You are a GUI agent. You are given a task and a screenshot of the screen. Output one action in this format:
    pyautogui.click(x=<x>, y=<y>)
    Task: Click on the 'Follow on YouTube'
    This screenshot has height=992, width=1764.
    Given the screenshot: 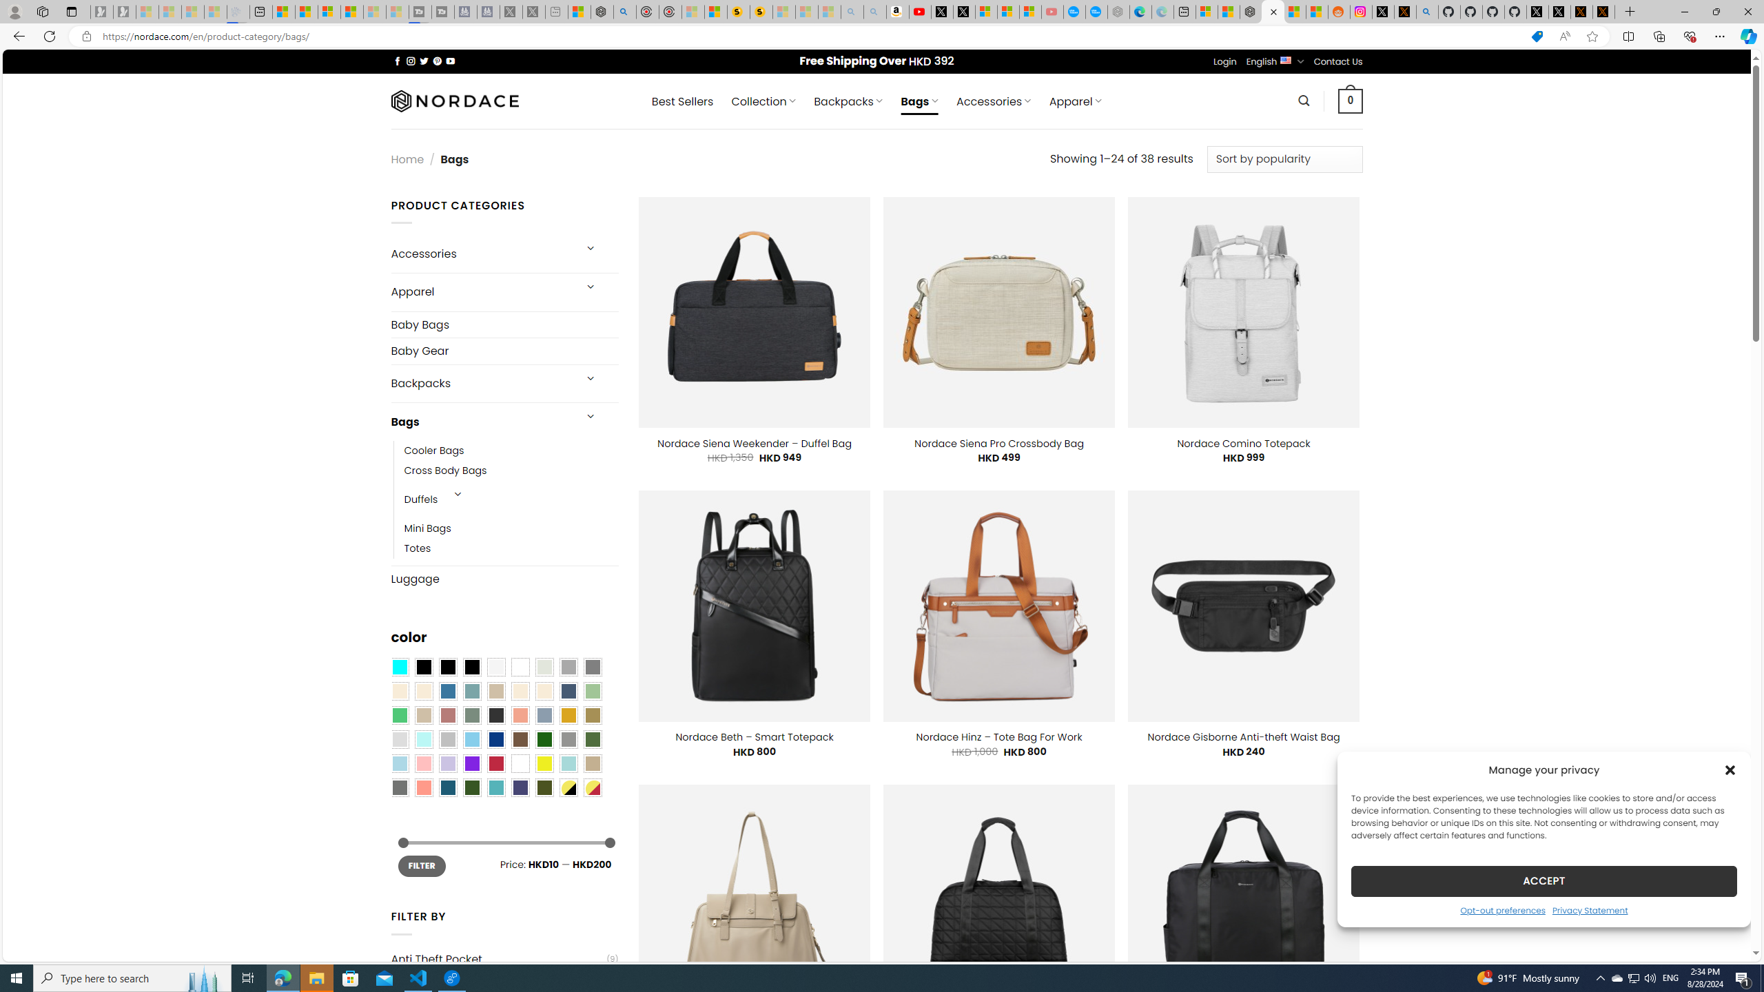 What is the action you would take?
    pyautogui.click(x=450, y=61)
    